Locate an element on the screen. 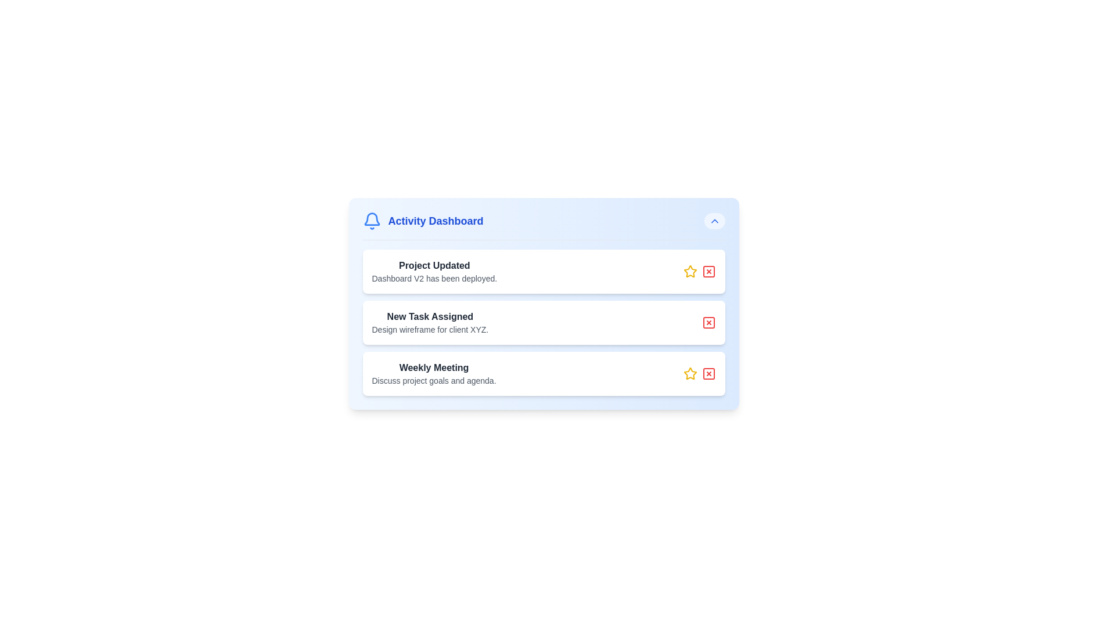 This screenshot has height=627, width=1115. text label displaying 'Activity Dashboard' which is prominently positioned on a light blue background, aligning horizontally with a bell icon to its left is located at coordinates (435, 221).